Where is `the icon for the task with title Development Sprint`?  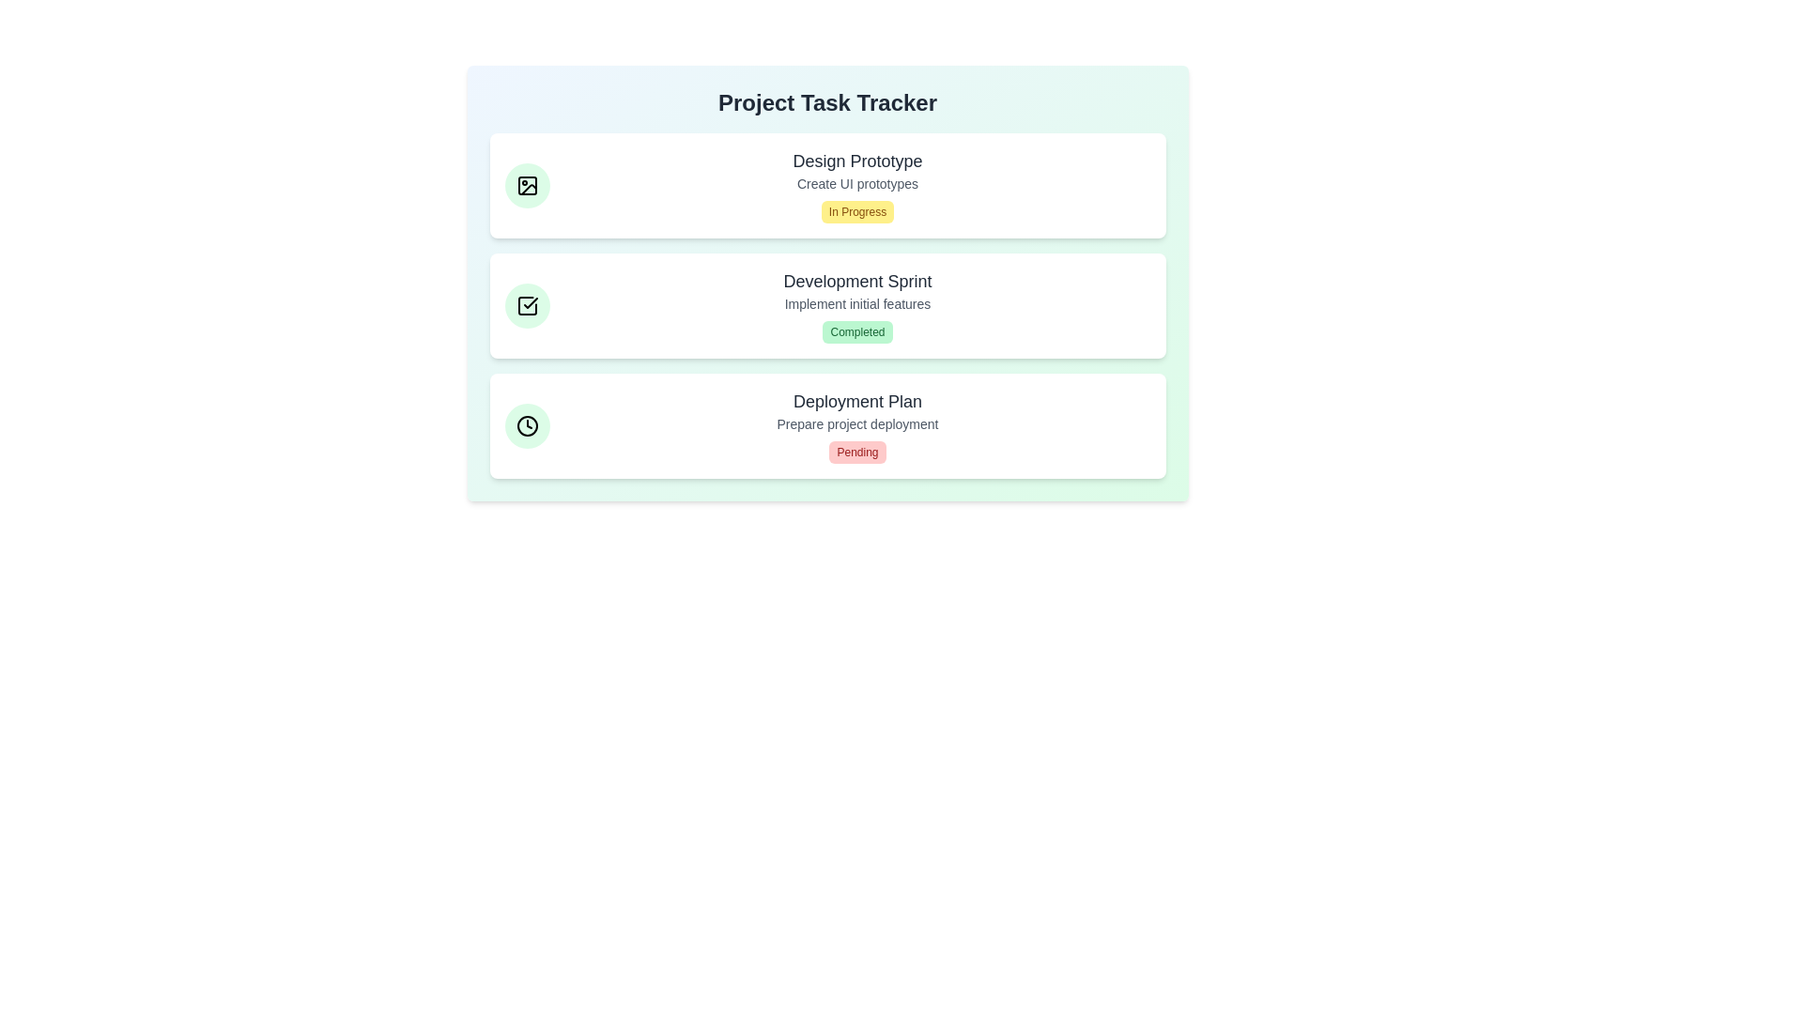
the icon for the task with title Development Sprint is located at coordinates (526, 305).